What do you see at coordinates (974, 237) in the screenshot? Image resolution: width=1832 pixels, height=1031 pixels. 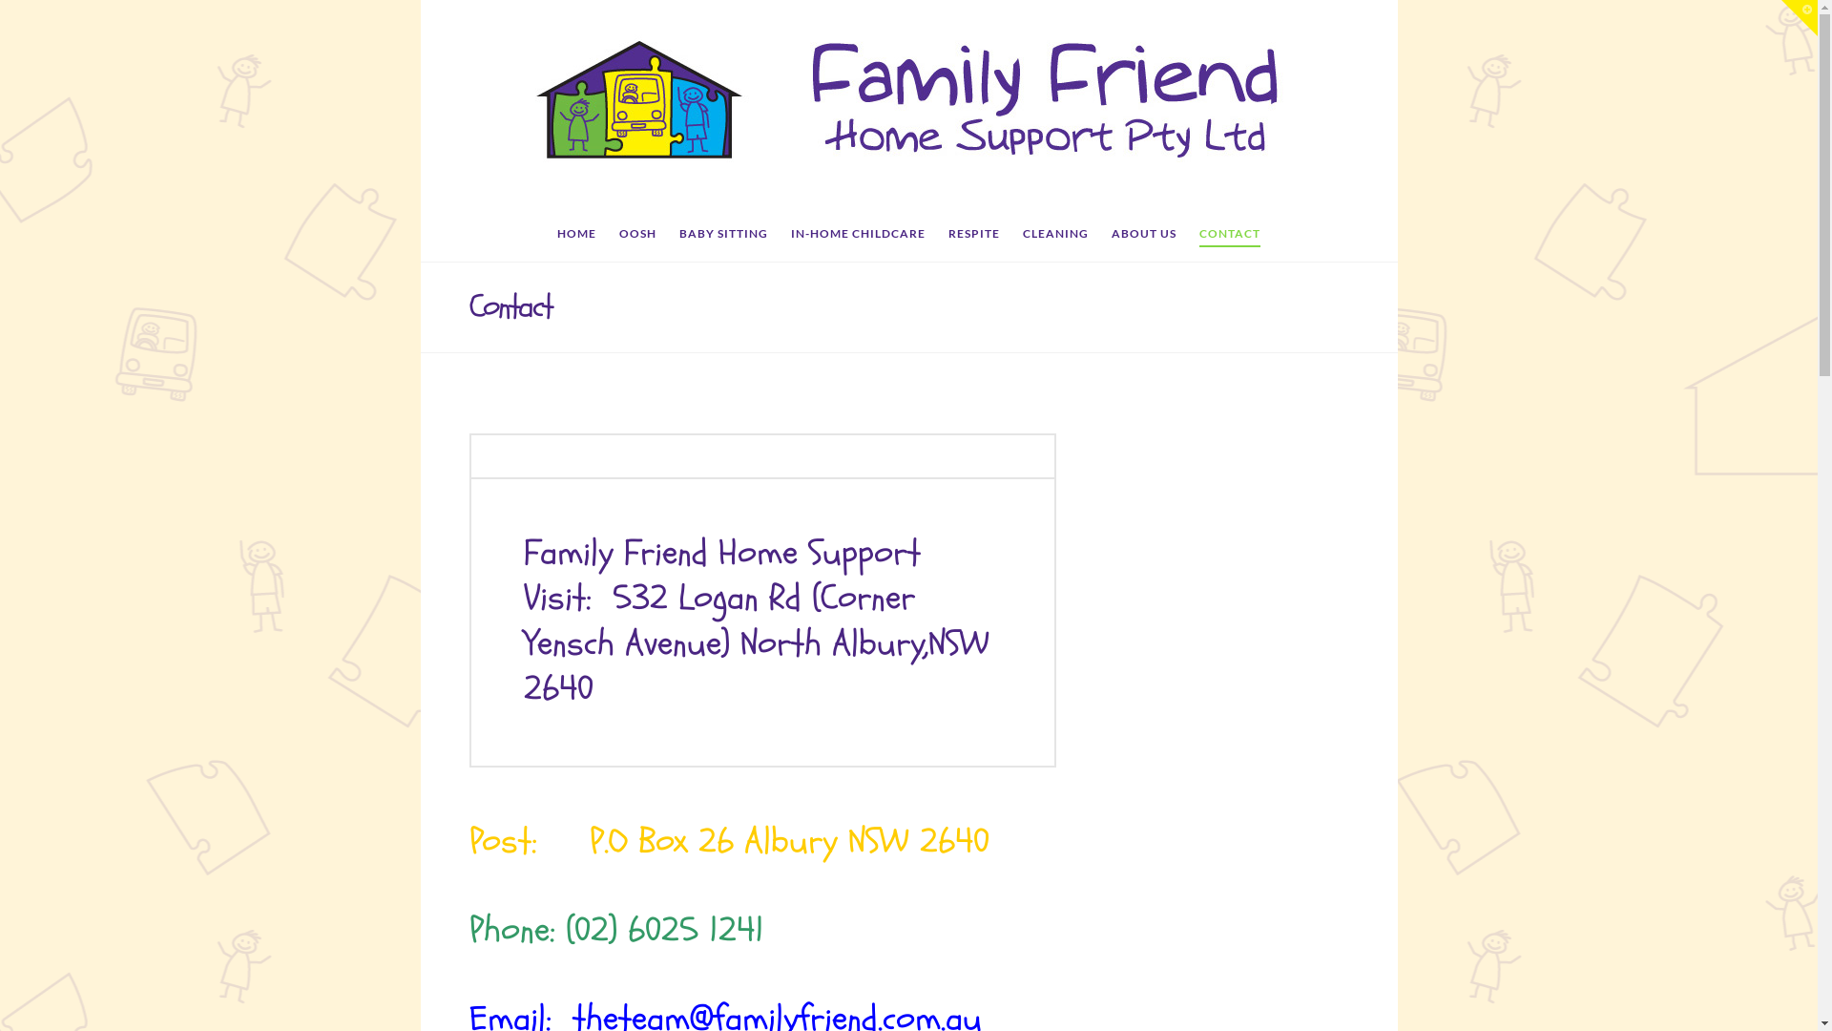 I see `'RESPITE'` at bounding box center [974, 237].